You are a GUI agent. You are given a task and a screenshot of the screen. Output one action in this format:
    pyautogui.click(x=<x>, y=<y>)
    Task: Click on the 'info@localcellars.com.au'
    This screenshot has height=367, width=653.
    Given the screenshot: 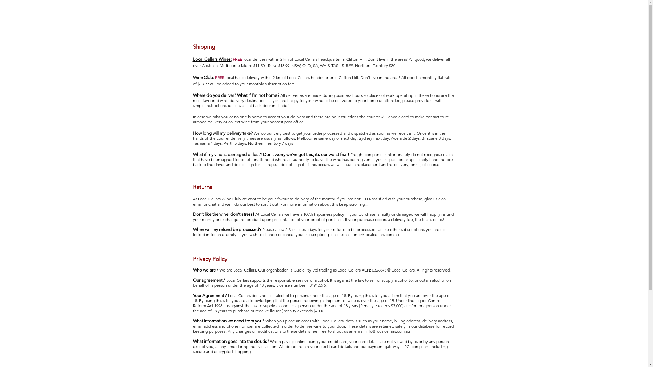 What is the action you would take?
    pyautogui.click(x=375, y=234)
    